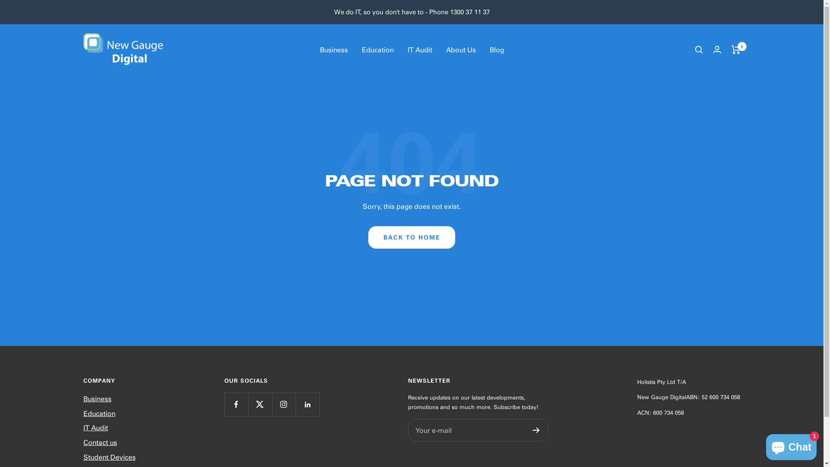 The height and width of the screenshot is (467, 830). I want to click on '0', so click(735, 50).